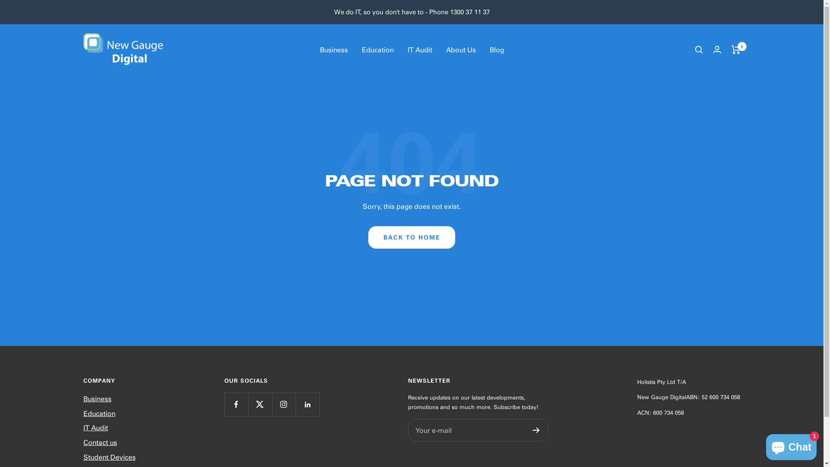 The height and width of the screenshot is (467, 830). I want to click on '0', so click(735, 50).